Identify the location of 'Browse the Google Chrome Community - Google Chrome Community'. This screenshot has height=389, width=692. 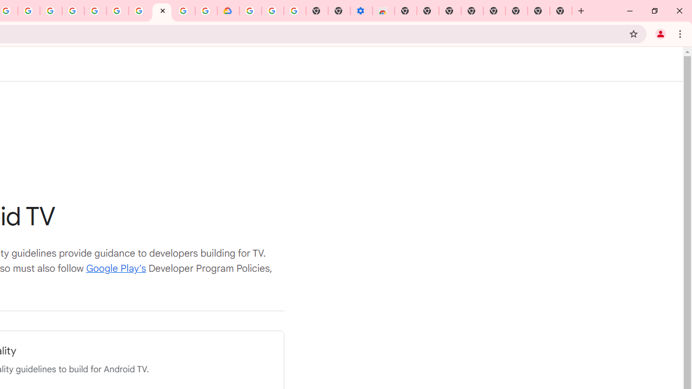
(206, 11).